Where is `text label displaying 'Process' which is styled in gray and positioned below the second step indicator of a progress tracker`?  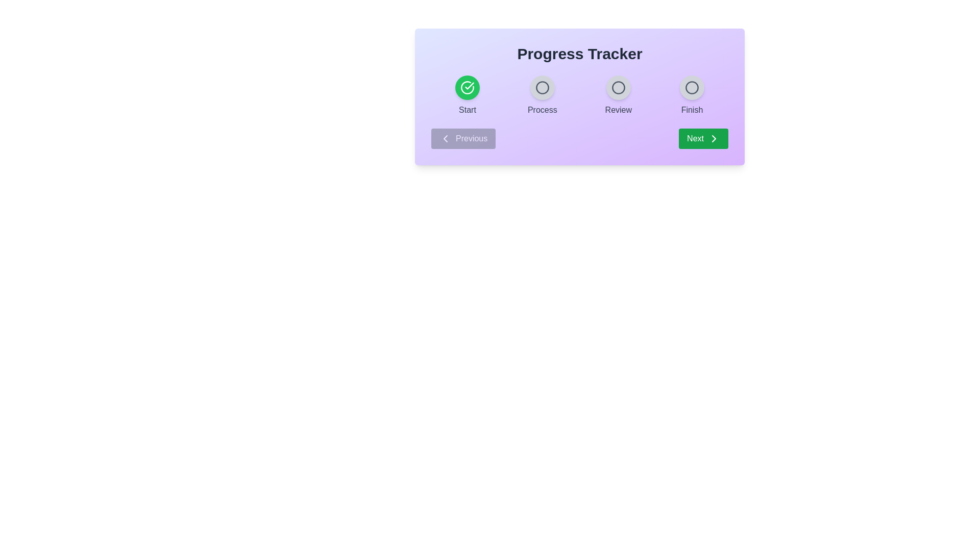
text label displaying 'Process' which is styled in gray and positioned below the second step indicator of a progress tracker is located at coordinates (542, 110).